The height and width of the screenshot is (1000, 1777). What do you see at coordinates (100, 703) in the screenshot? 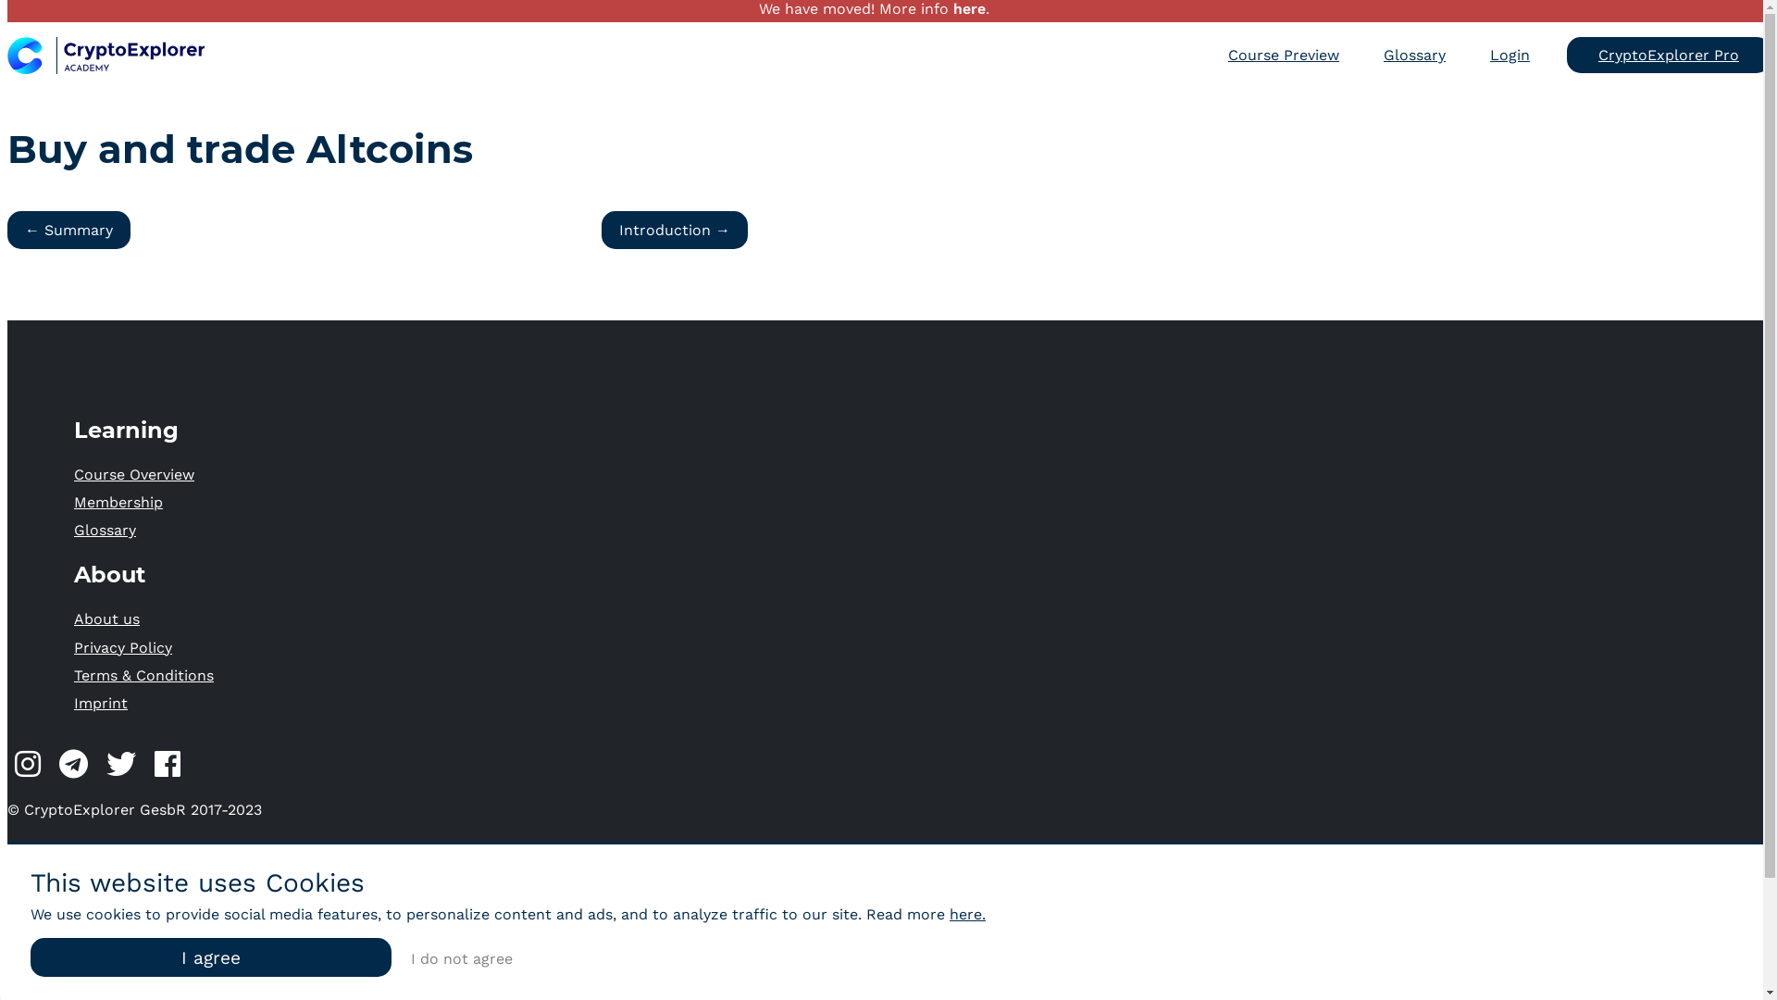
I see `'Imprint'` at bounding box center [100, 703].